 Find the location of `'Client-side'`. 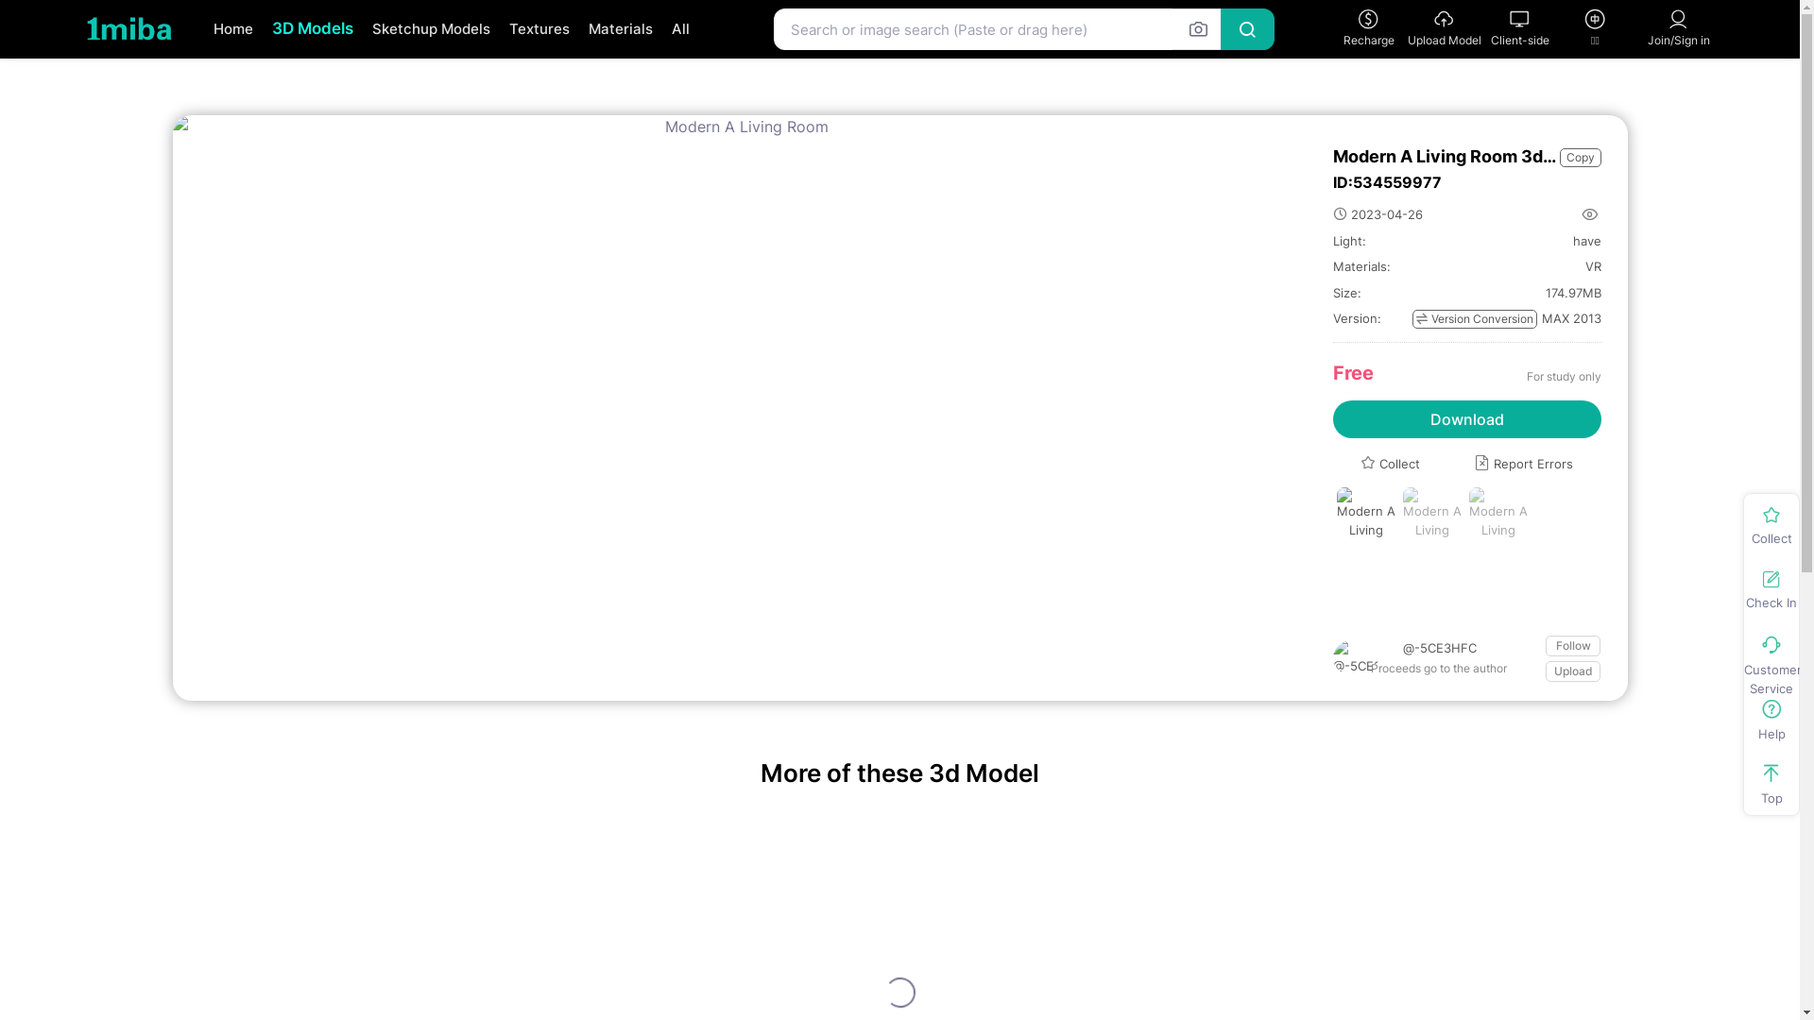

'Client-side' is located at coordinates (1519, 28).